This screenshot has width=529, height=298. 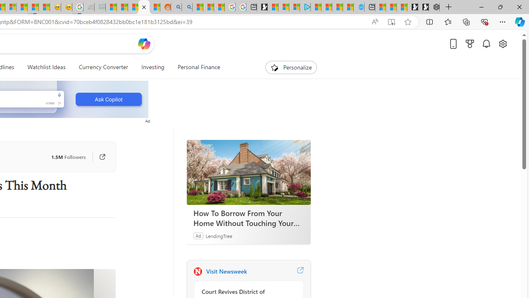 I want to click on 'Currency Converter', so click(x=103, y=67).